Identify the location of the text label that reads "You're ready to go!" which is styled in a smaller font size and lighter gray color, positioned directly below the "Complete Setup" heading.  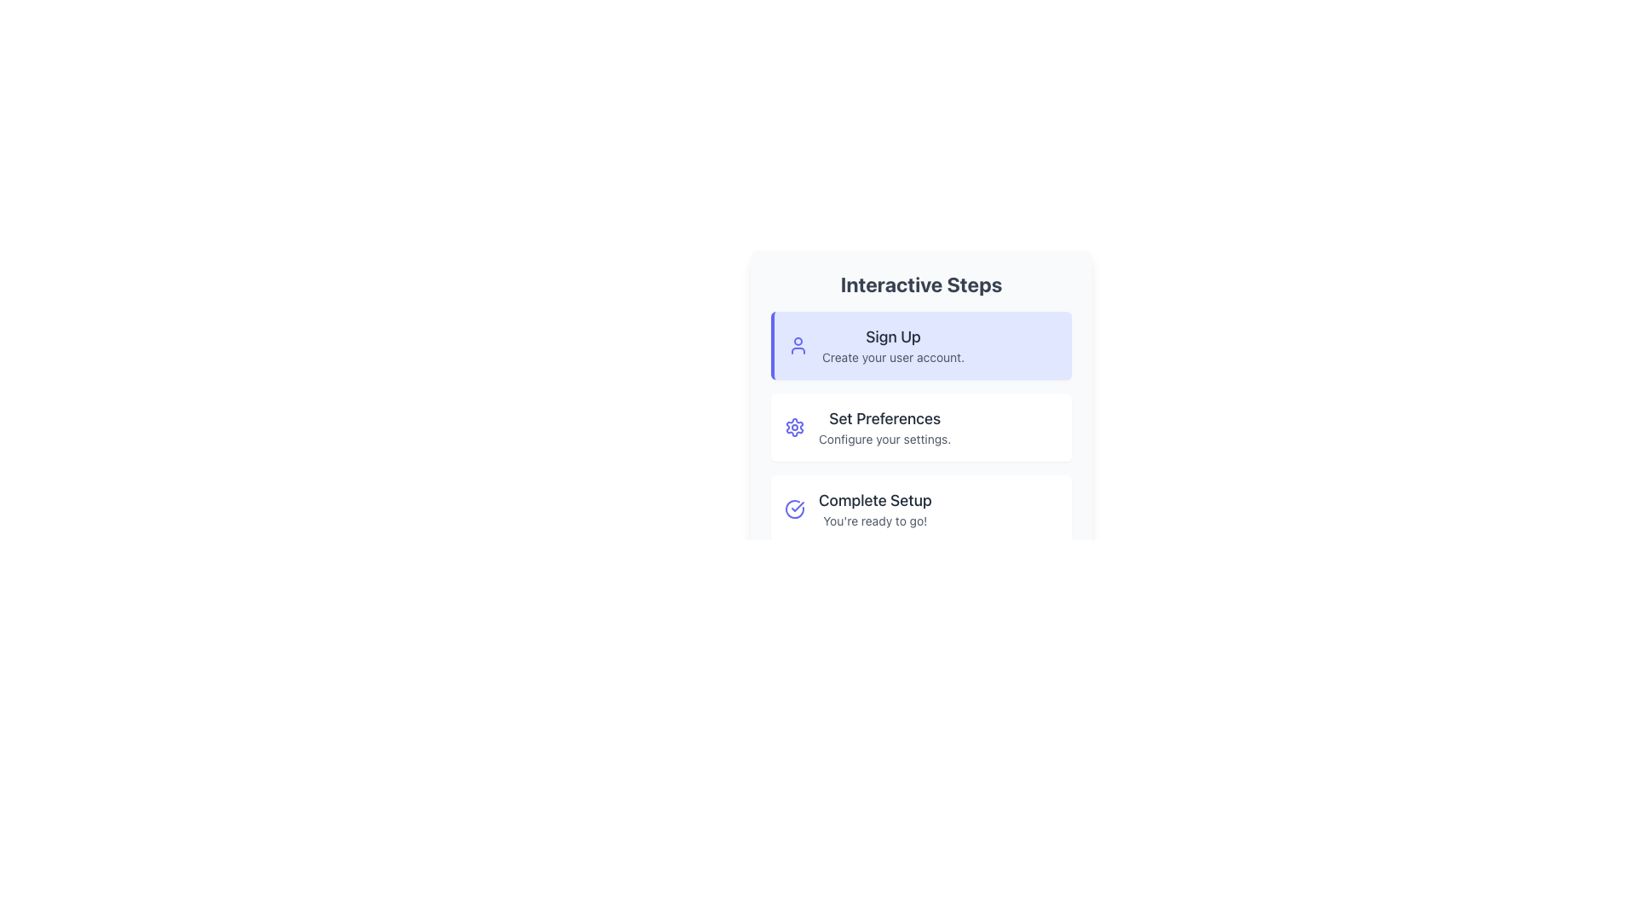
(875, 520).